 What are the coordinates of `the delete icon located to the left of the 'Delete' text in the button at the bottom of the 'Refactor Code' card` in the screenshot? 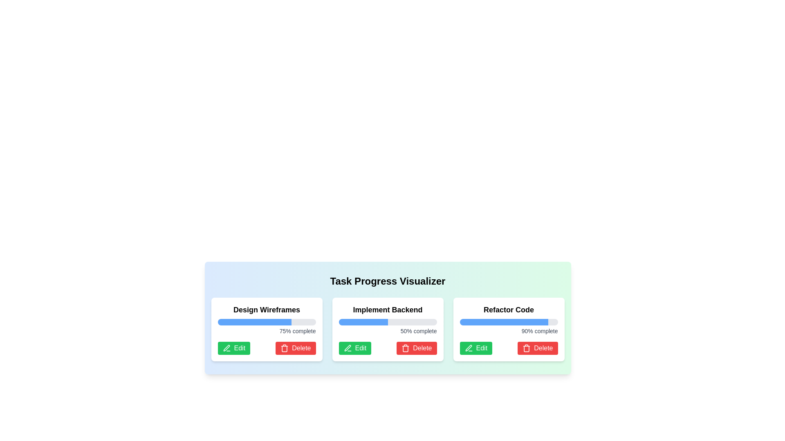 It's located at (527, 348).